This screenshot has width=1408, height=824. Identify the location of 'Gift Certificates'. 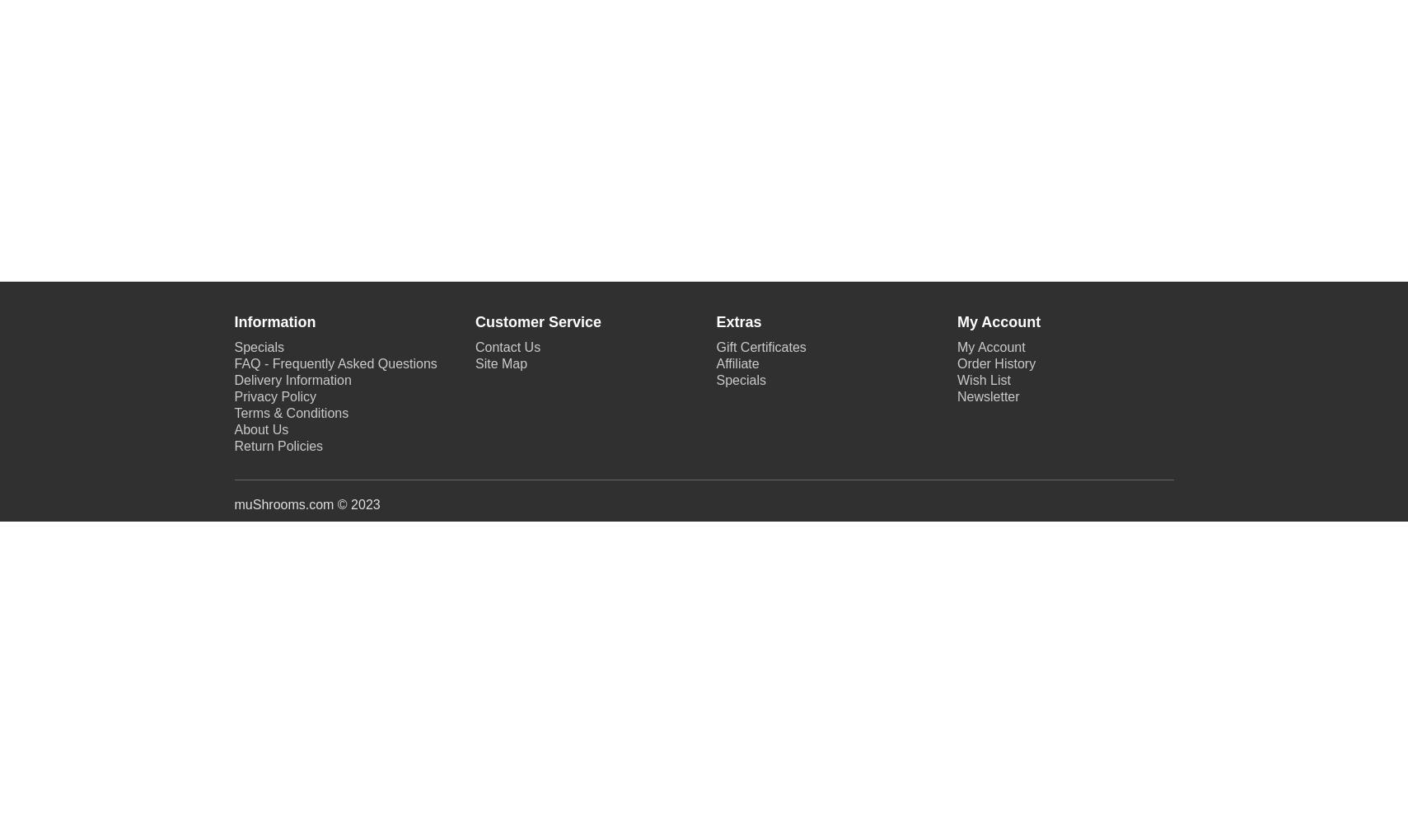
(760, 347).